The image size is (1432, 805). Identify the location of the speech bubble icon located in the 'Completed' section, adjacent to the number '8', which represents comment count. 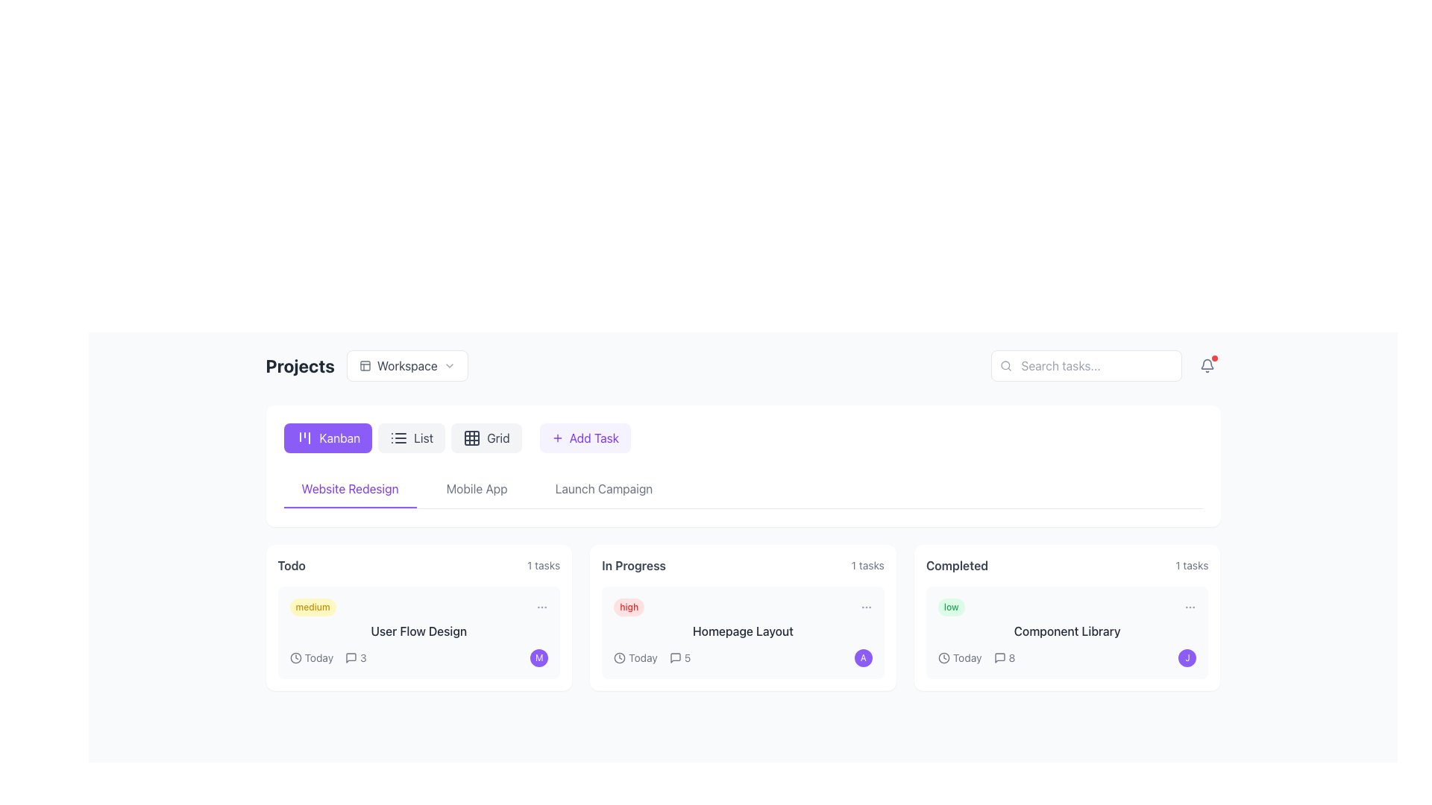
(999, 657).